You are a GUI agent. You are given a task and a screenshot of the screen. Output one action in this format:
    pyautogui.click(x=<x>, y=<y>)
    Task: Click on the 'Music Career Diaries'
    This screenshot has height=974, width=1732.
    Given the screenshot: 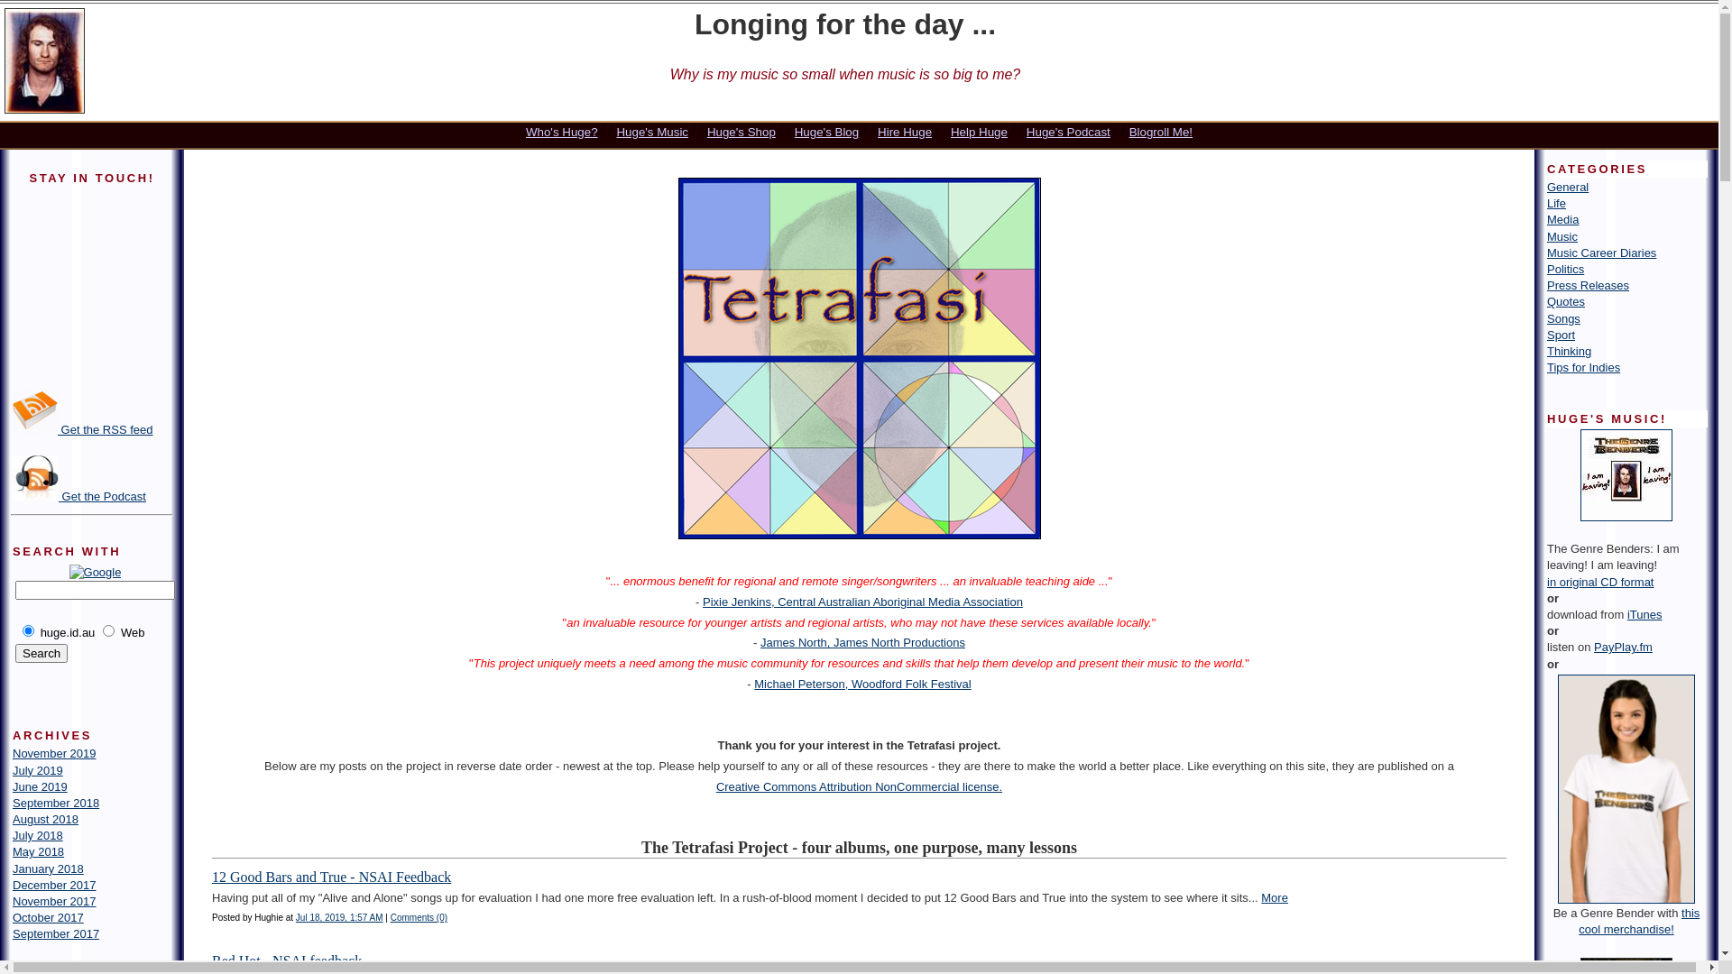 What is the action you would take?
    pyautogui.click(x=1545, y=253)
    